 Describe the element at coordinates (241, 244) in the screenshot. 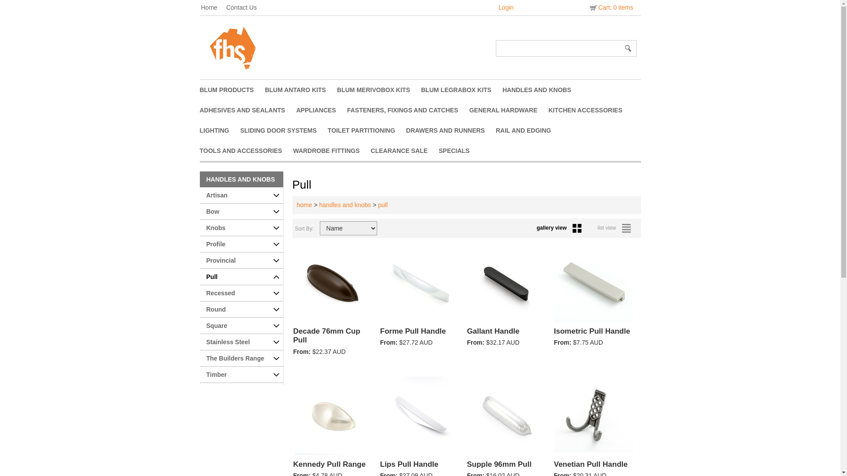

I see `'Profile'` at that location.